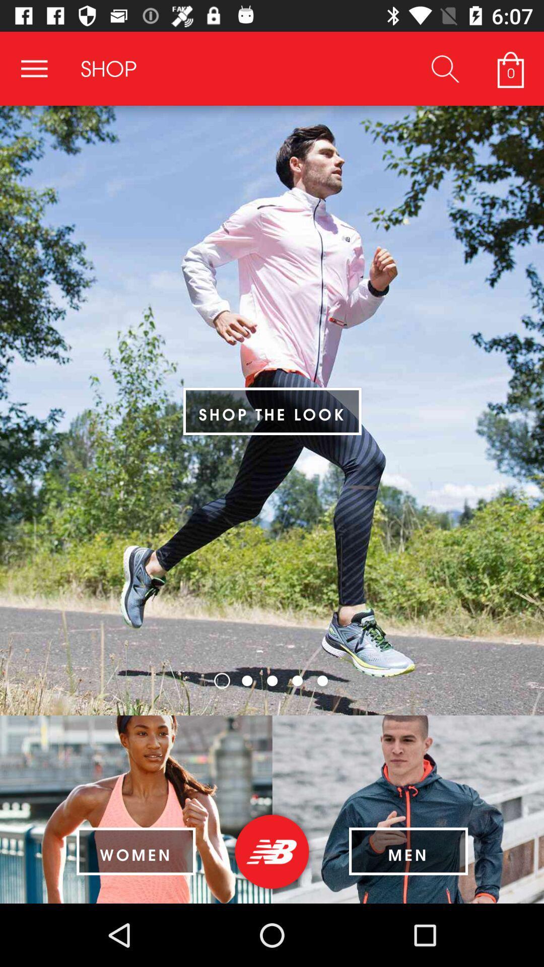  What do you see at coordinates (34, 68) in the screenshot?
I see `more options` at bounding box center [34, 68].